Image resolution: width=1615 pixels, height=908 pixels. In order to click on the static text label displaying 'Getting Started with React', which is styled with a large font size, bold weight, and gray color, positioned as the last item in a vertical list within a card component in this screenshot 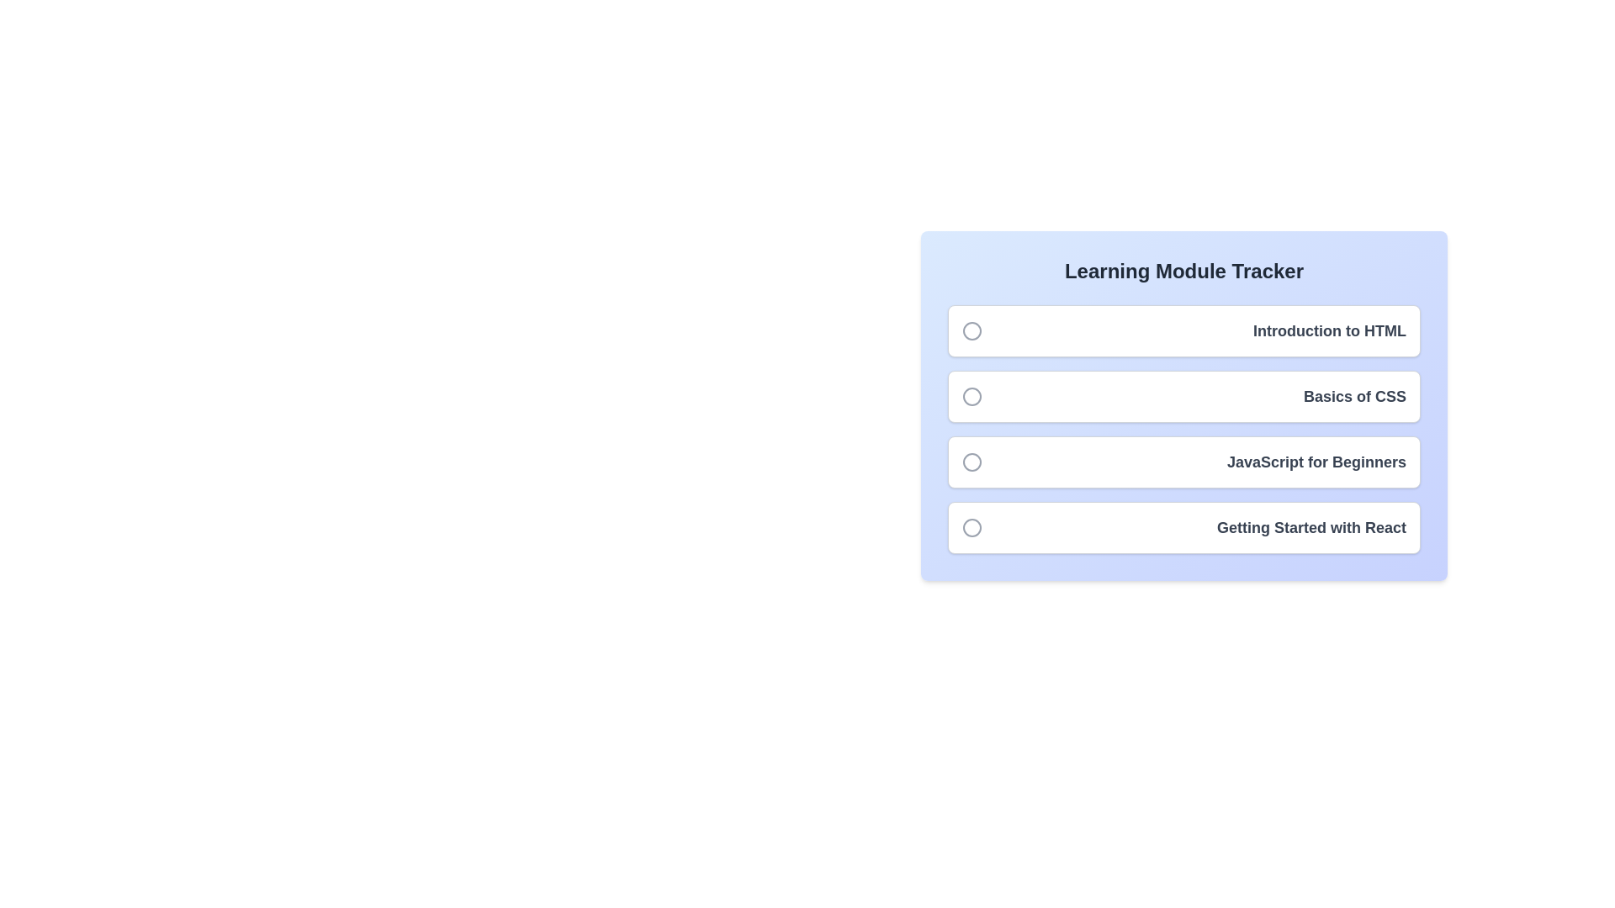, I will do `click(1311, 527)`.